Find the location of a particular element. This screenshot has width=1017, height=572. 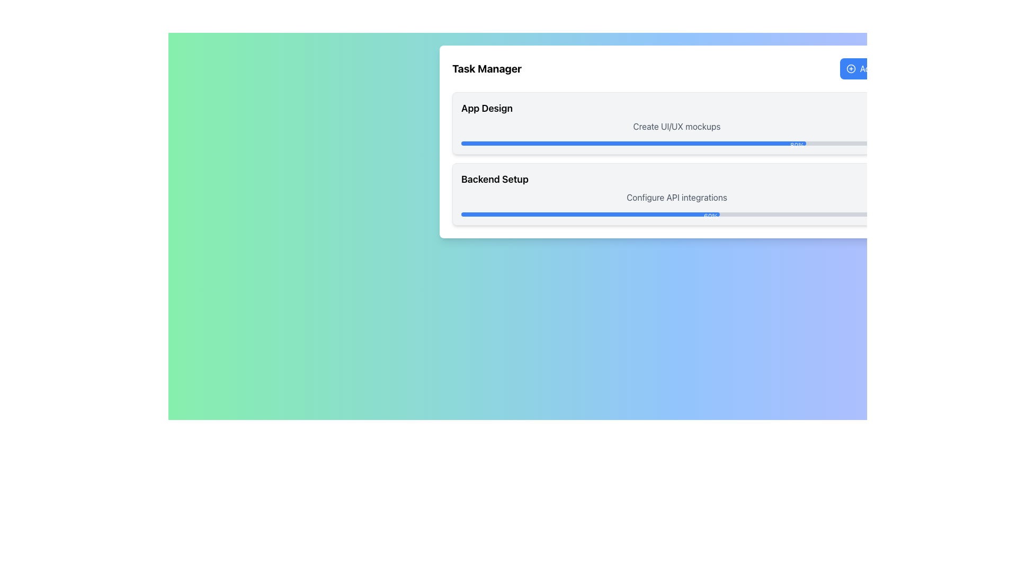

the percentage completion status displayed by the text label located at the far right end of the progress bar under the header 'Create UI/UX mockups' is located at coordinates (797, 143).